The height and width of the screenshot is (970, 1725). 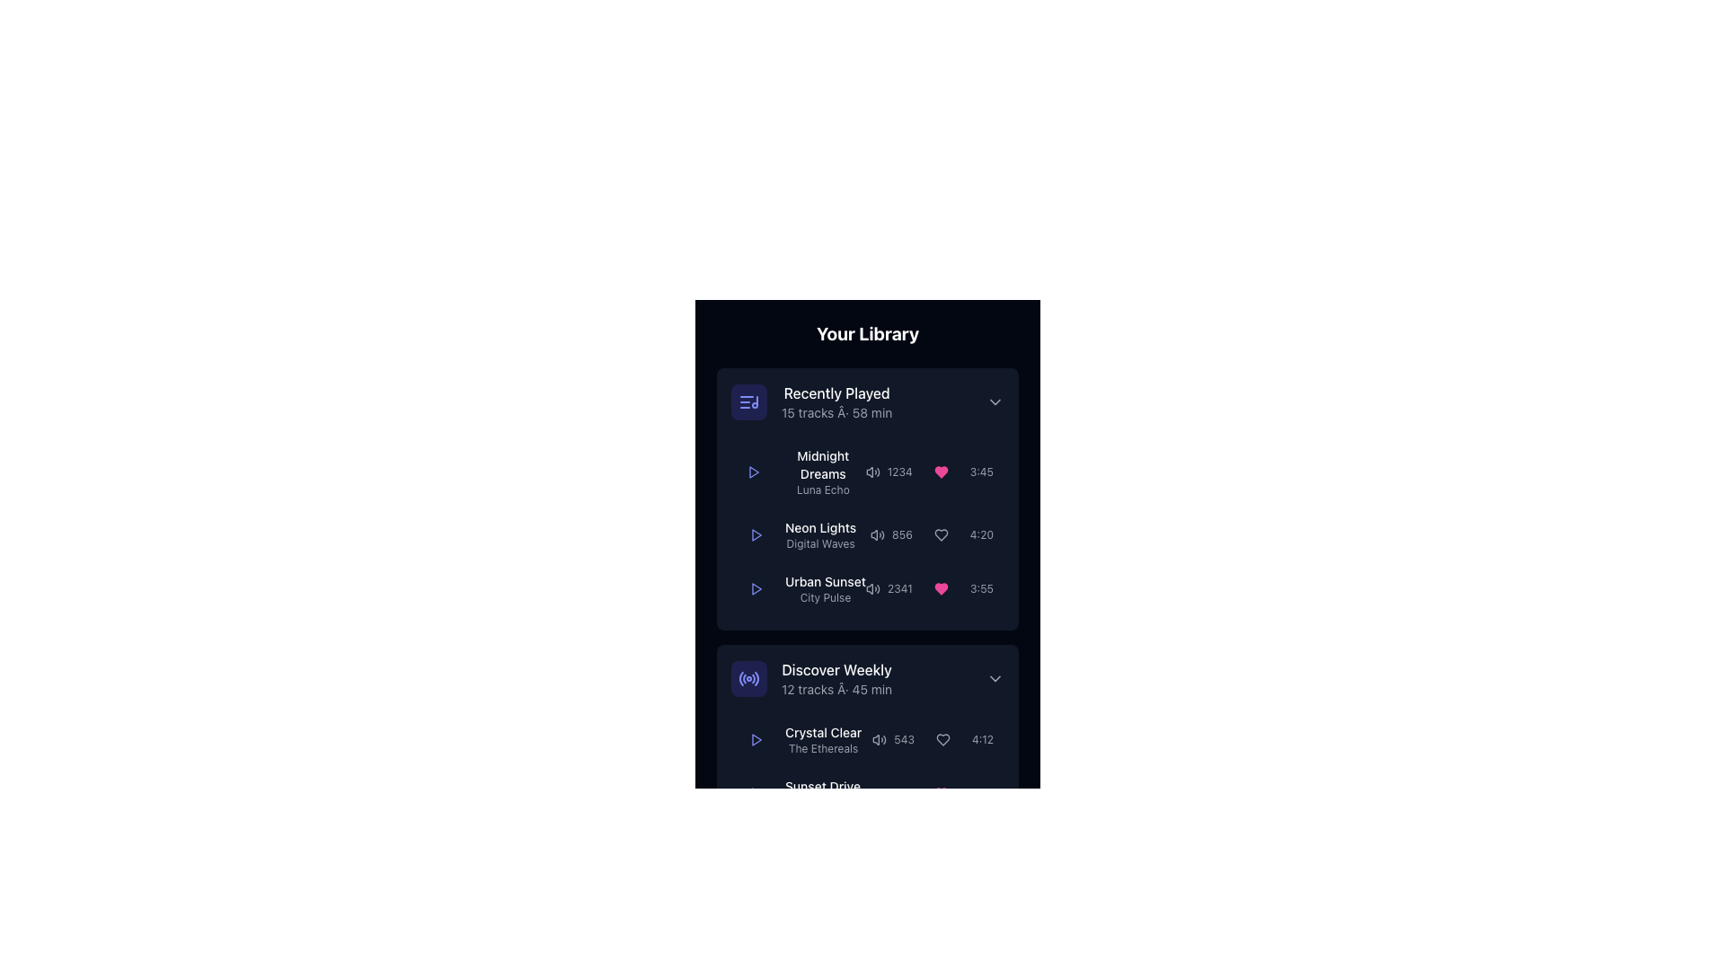 I want to click on the text label '1234' that indicates the number of plays for the audio item 'Midnight Dreams', which is positioned adjacent to the volume icon in the 'Recently Played' list, so click(x=889, y=471).